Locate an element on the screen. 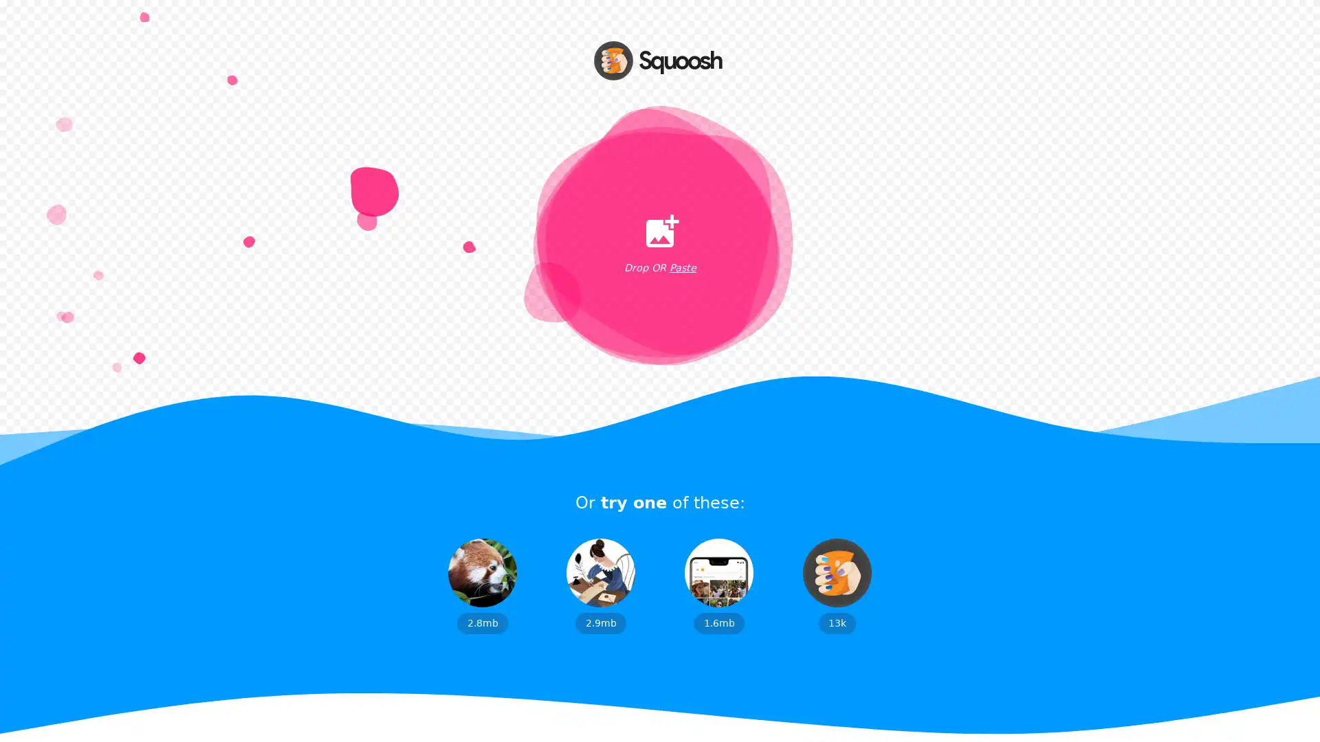  SVG icon 13k is located at coordinates (837, 585).